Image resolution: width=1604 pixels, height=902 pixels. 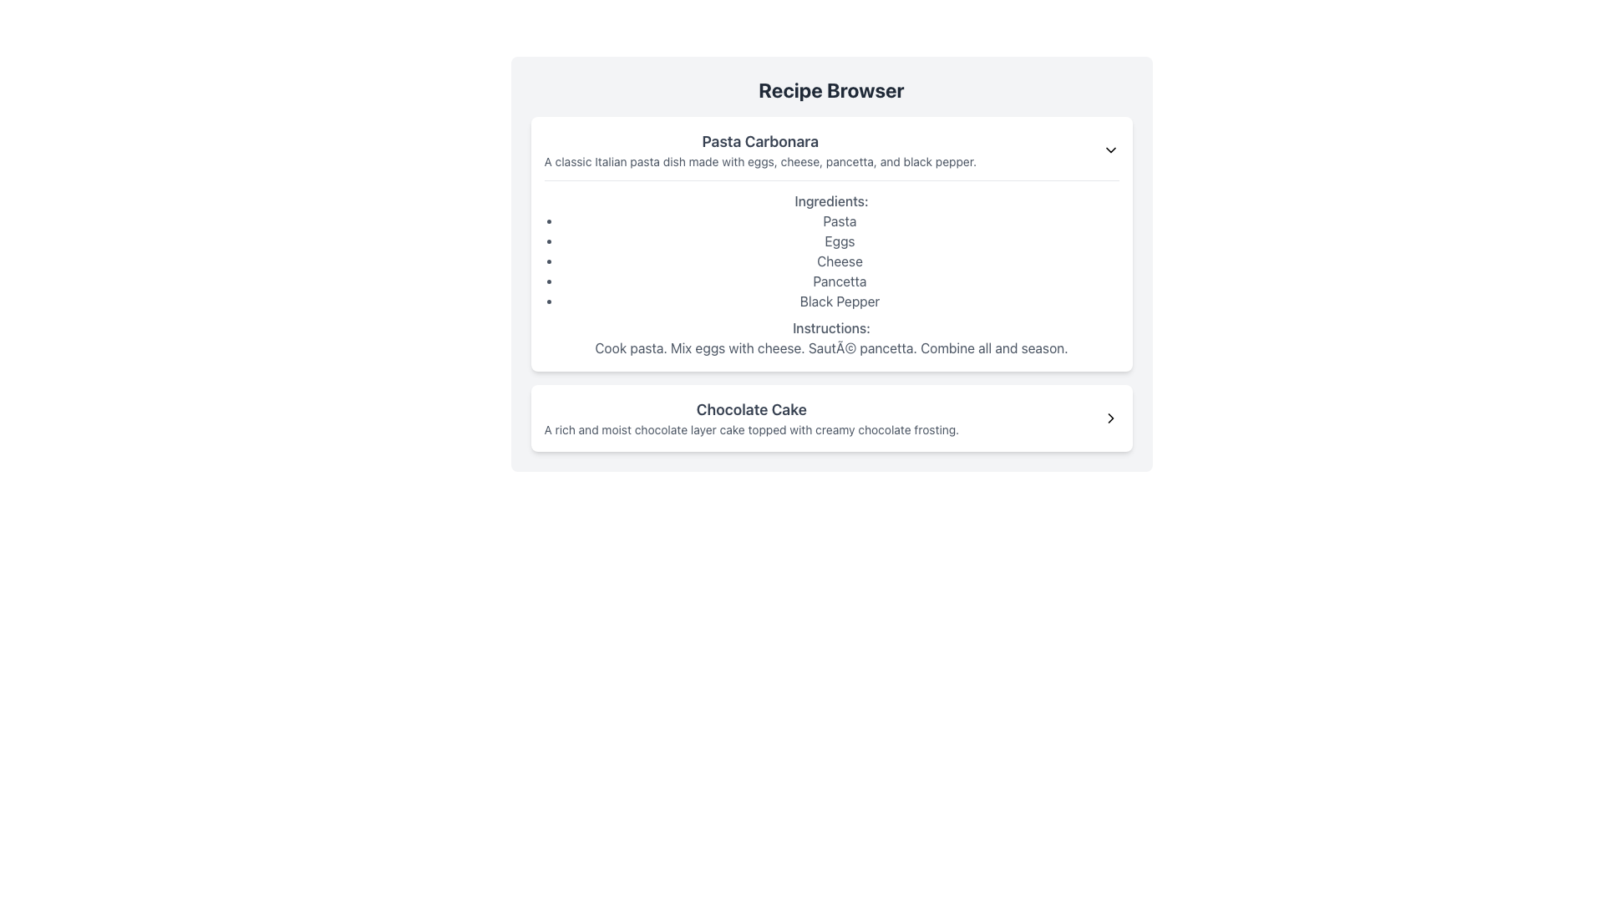 What do you see at coordinates (1110, 418) in the screenshot?
I see `the Chevron arrow icon located at the far right of the 'Chocolate Cake' card` at bounding box center [1110, 418].